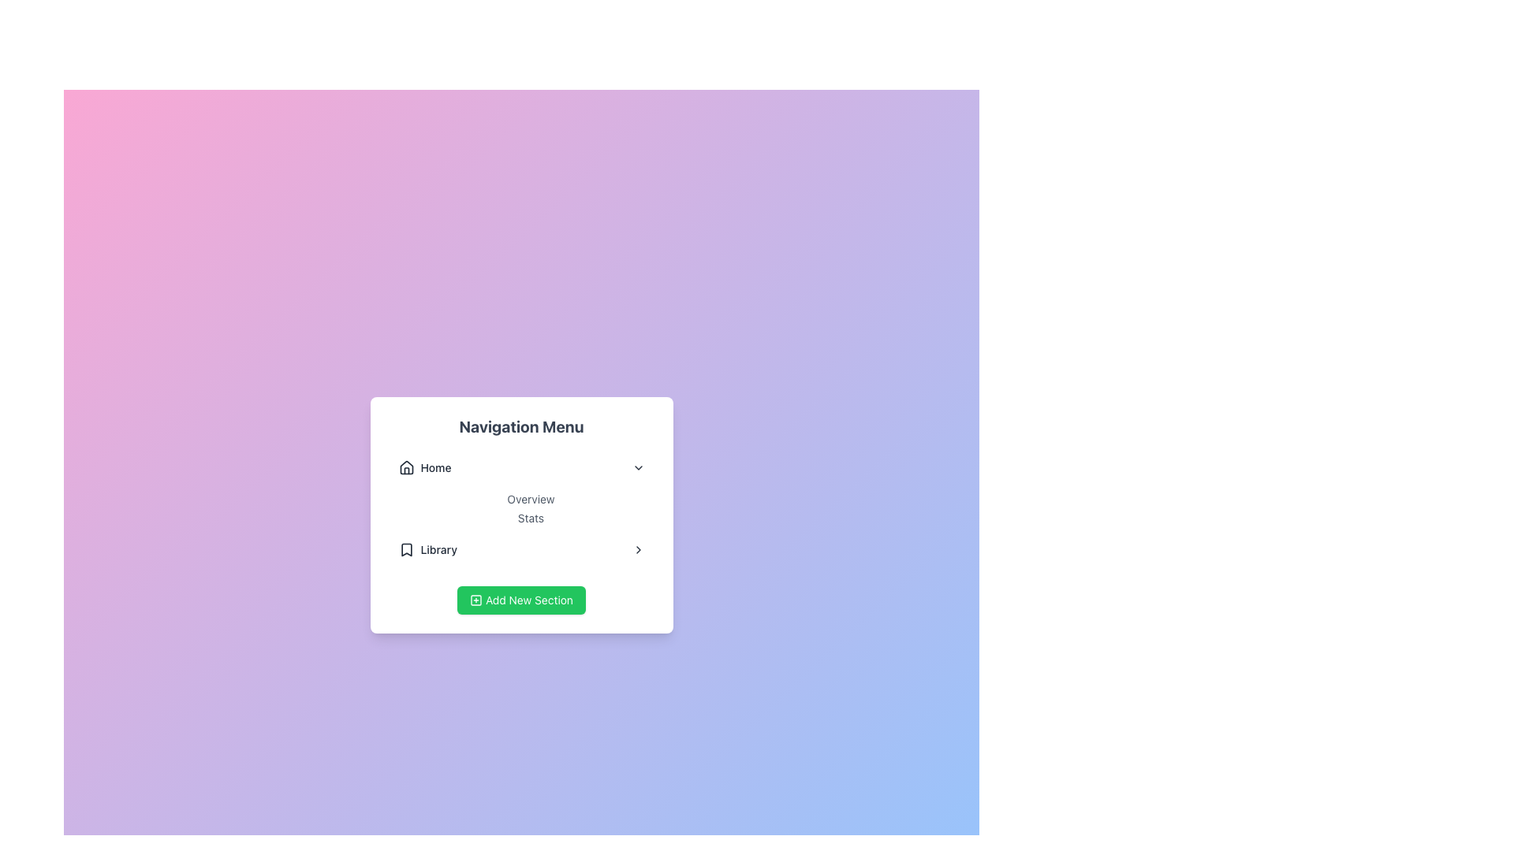  What do you see at coordinates (475, 600) in the screenshot?
I see `the green button icon with a plus sign inside it, which is located at the left edge of the 'Add New Section' button` at bounding box center [475, 600].